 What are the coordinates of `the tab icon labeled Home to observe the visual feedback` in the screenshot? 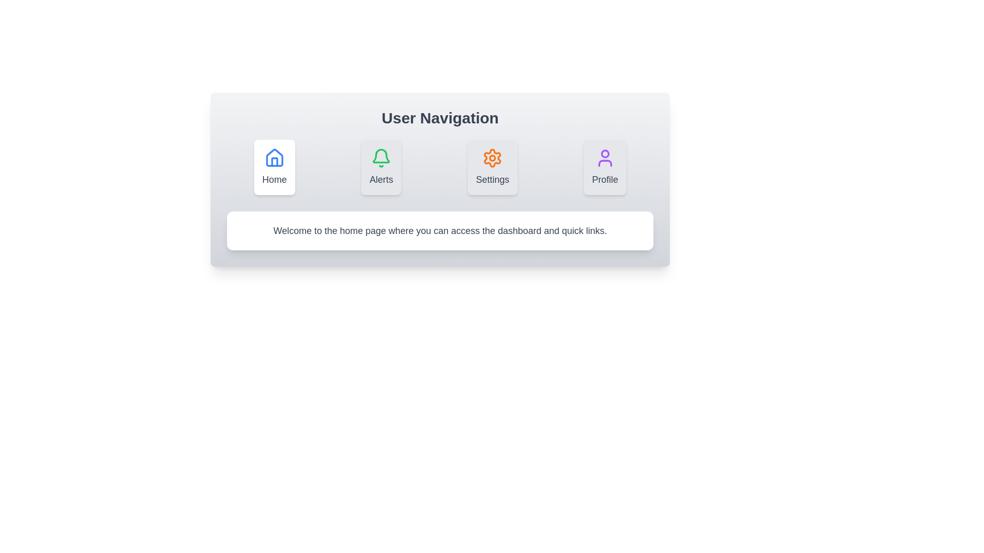 It's located at (274, 167).